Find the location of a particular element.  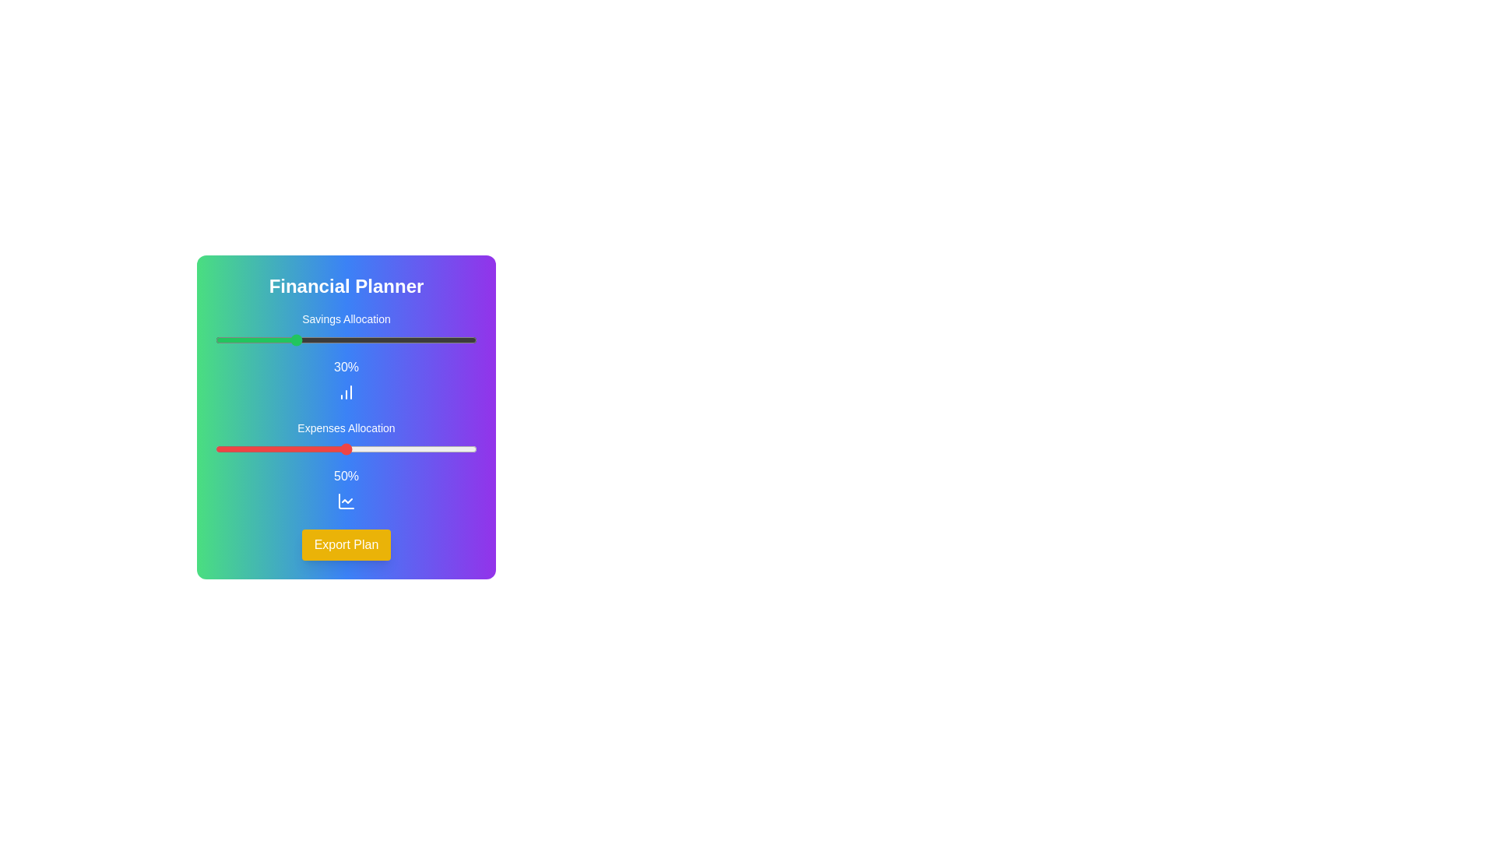

the expenses allocation slider is located at coordinates (273, 449).